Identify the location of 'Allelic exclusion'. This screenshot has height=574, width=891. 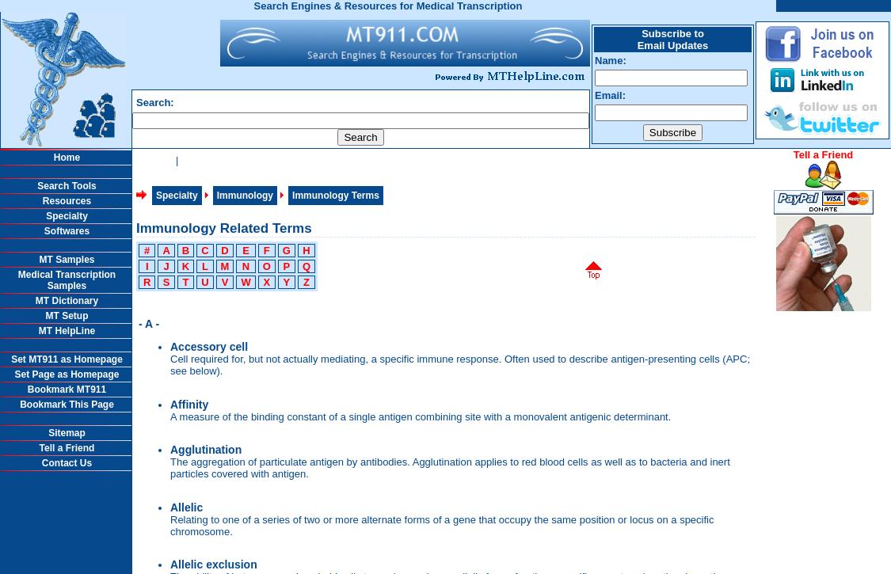
(212, 563).